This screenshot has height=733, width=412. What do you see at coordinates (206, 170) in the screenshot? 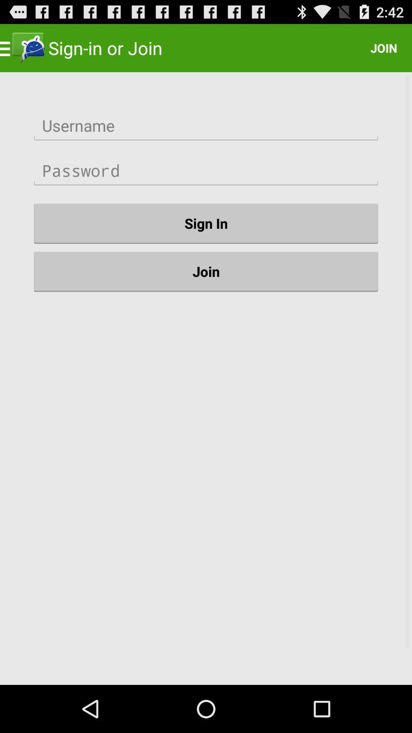
I see `password signin page` at bounding box center [206, 170].